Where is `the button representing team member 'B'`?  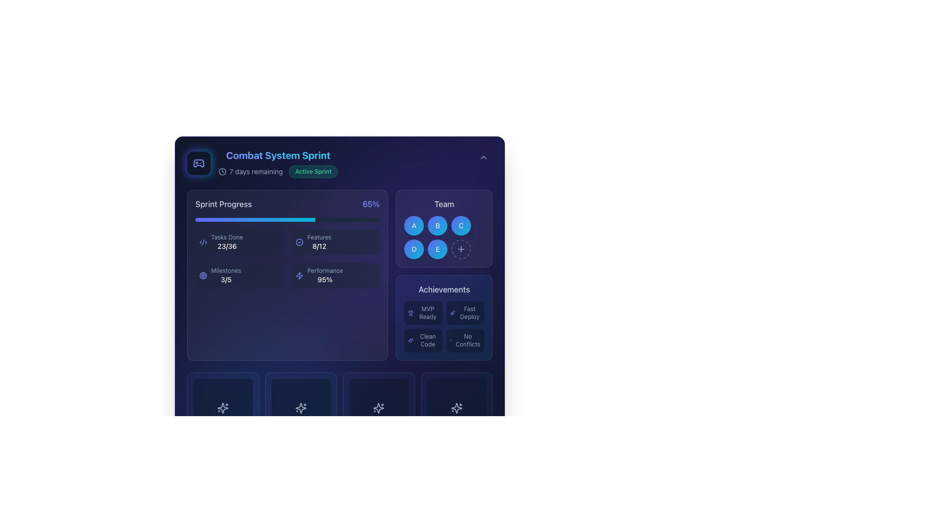 the button representing team member 'B' is located at coordinates (444, 229).